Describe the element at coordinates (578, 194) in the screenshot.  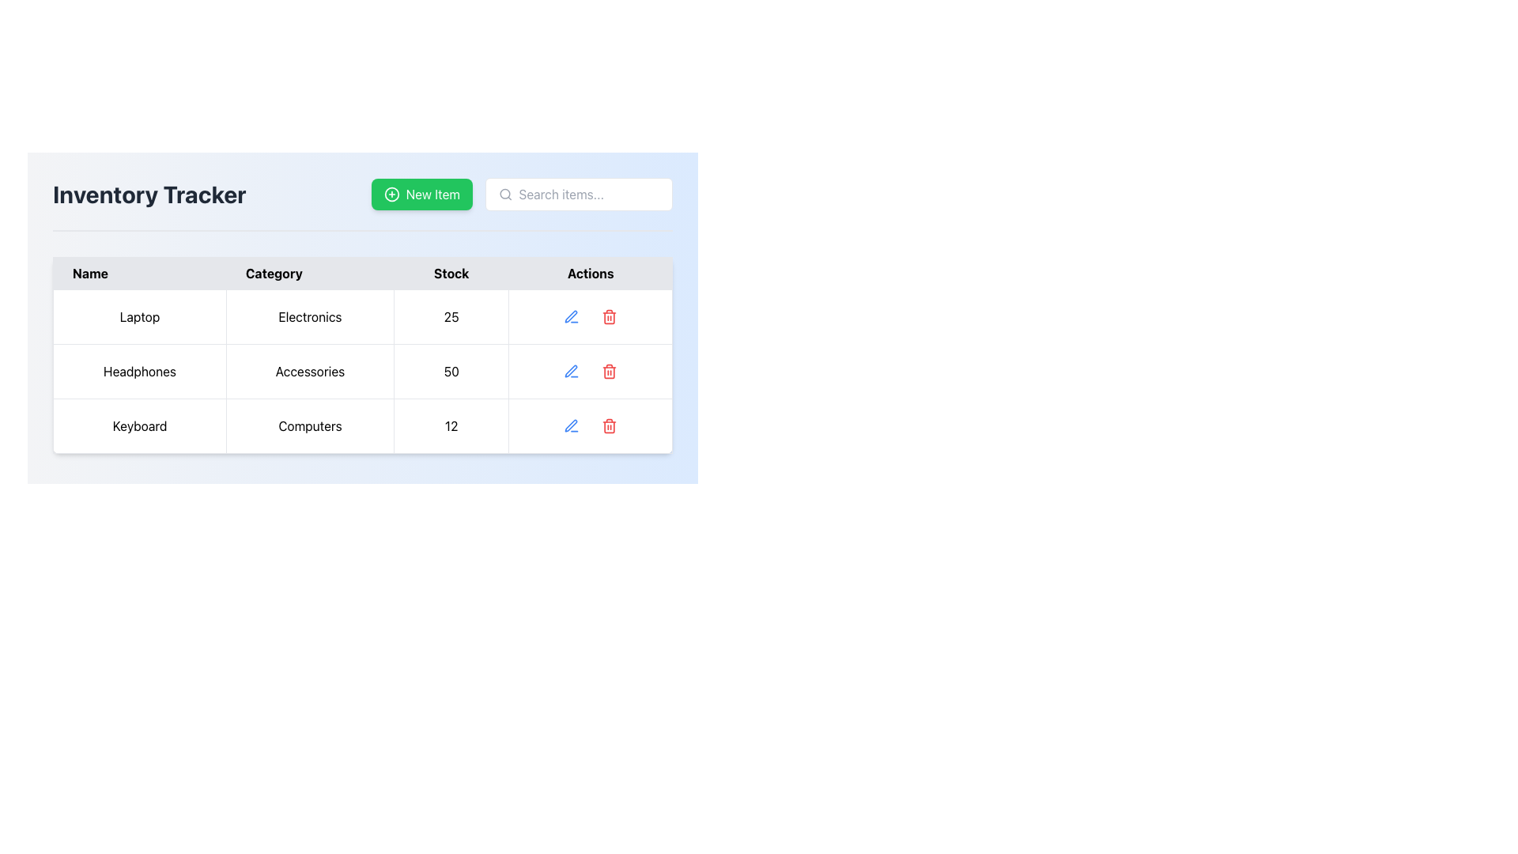
I see `the text input area located to the right of the green button labeled 'New Item' in the header section to focus and type` at that location.